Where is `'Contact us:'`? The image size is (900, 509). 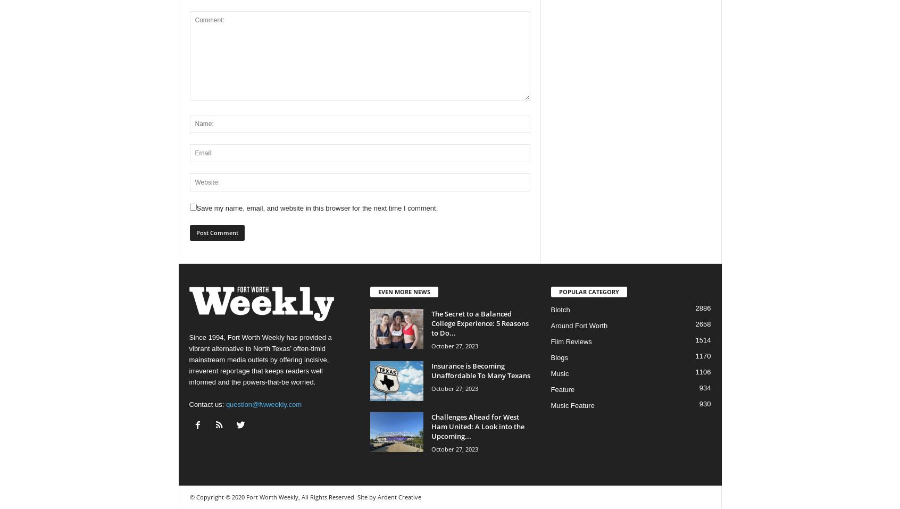
'Contact us:' is located at coordinates (207, 404).